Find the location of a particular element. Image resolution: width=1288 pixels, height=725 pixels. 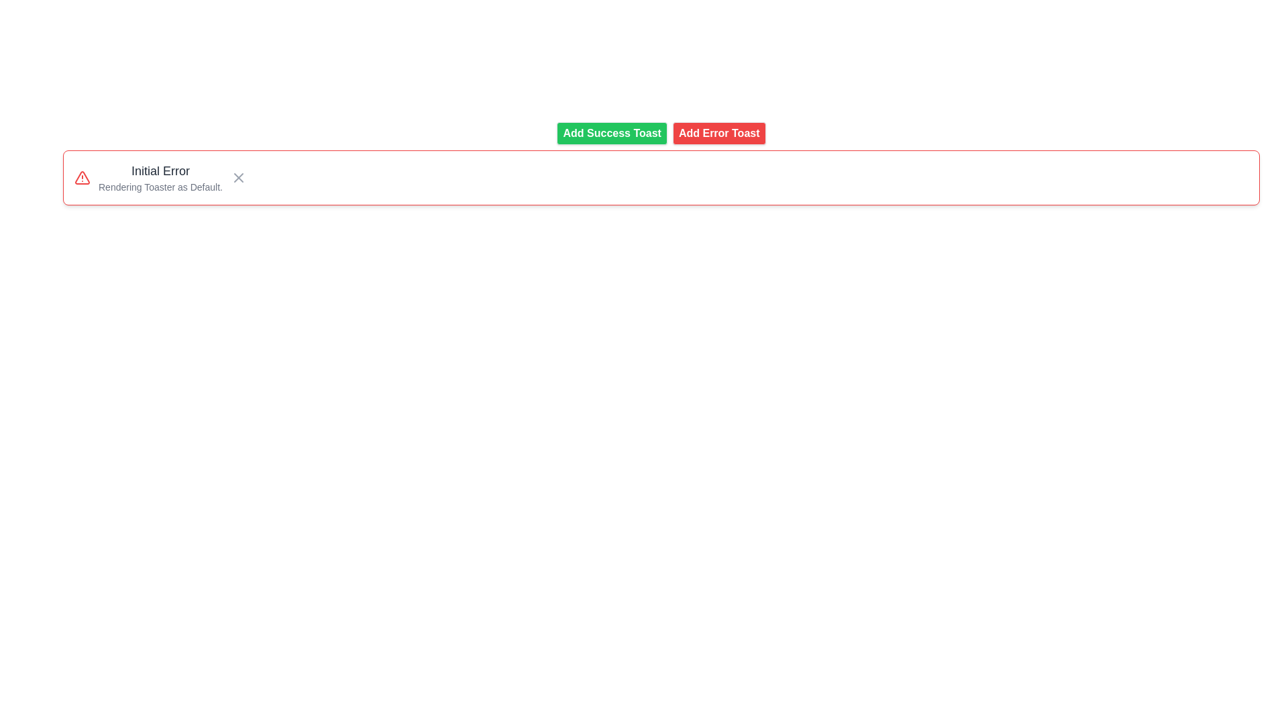

textual information from the Text display, which consists of the title 'Initial Error' and the subtitle 'Rendering Toaster as Default.' is located at coordinates (160, 177).